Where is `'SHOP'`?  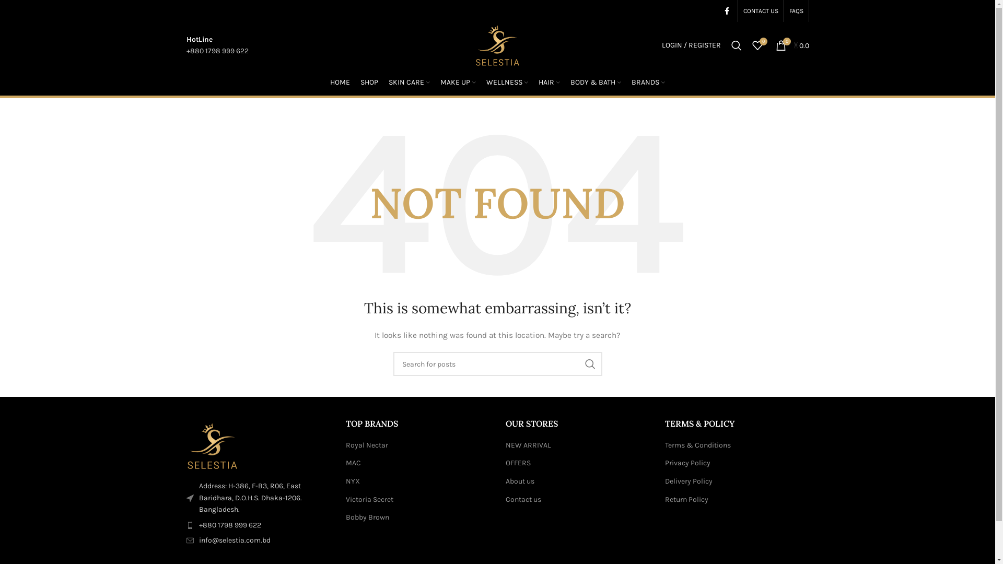 'SHOP' is located at coordinates (369, 82).